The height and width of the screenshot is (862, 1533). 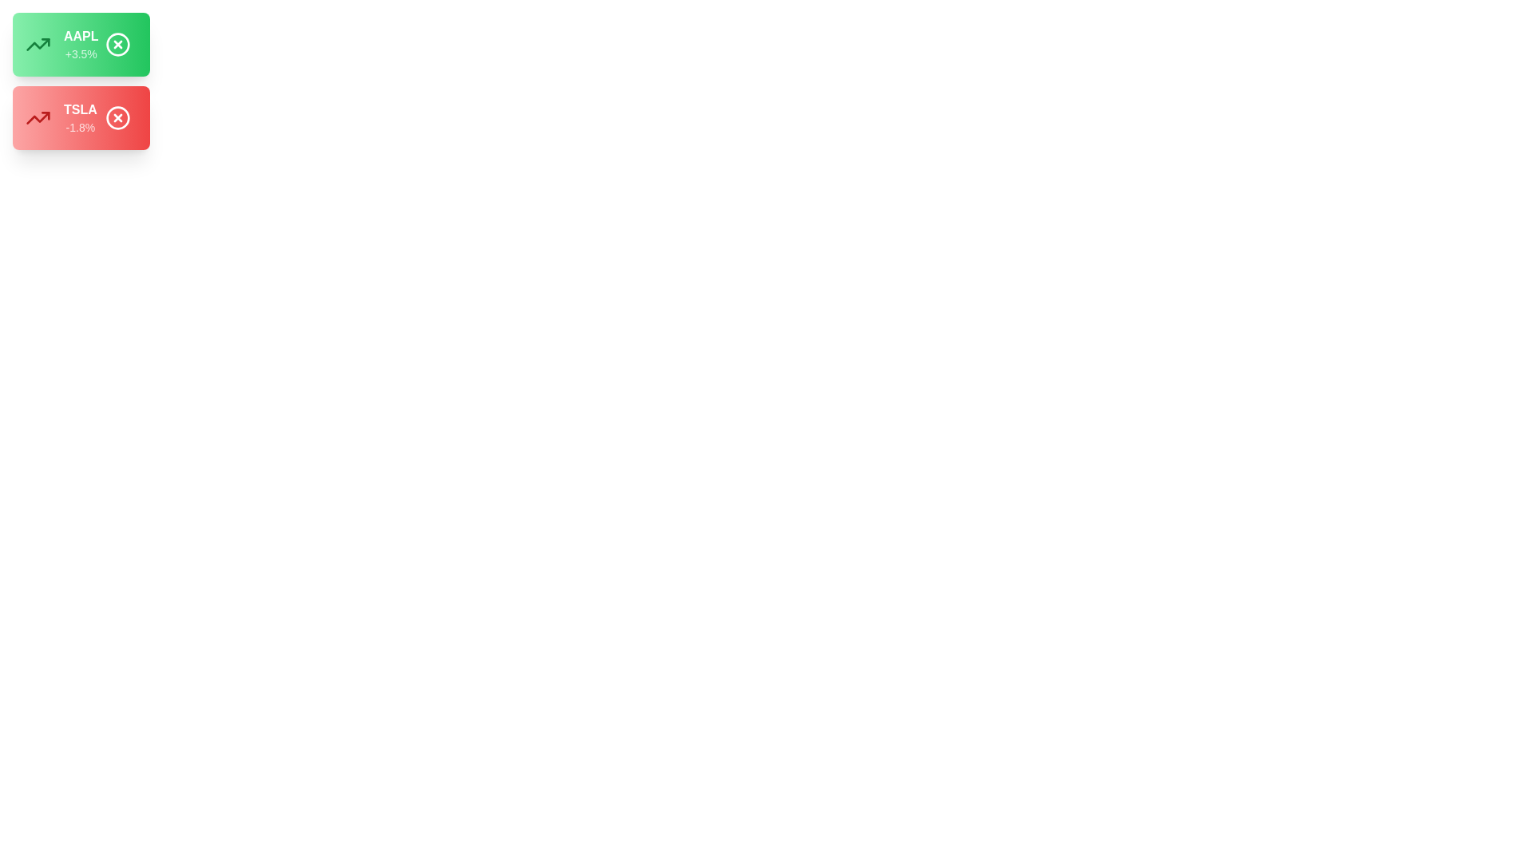 What do you see at coordinates (117, 117) in the screenshot?
I see `the close button of the alert corresponding to TSLA` at bounding box center [117, 117].